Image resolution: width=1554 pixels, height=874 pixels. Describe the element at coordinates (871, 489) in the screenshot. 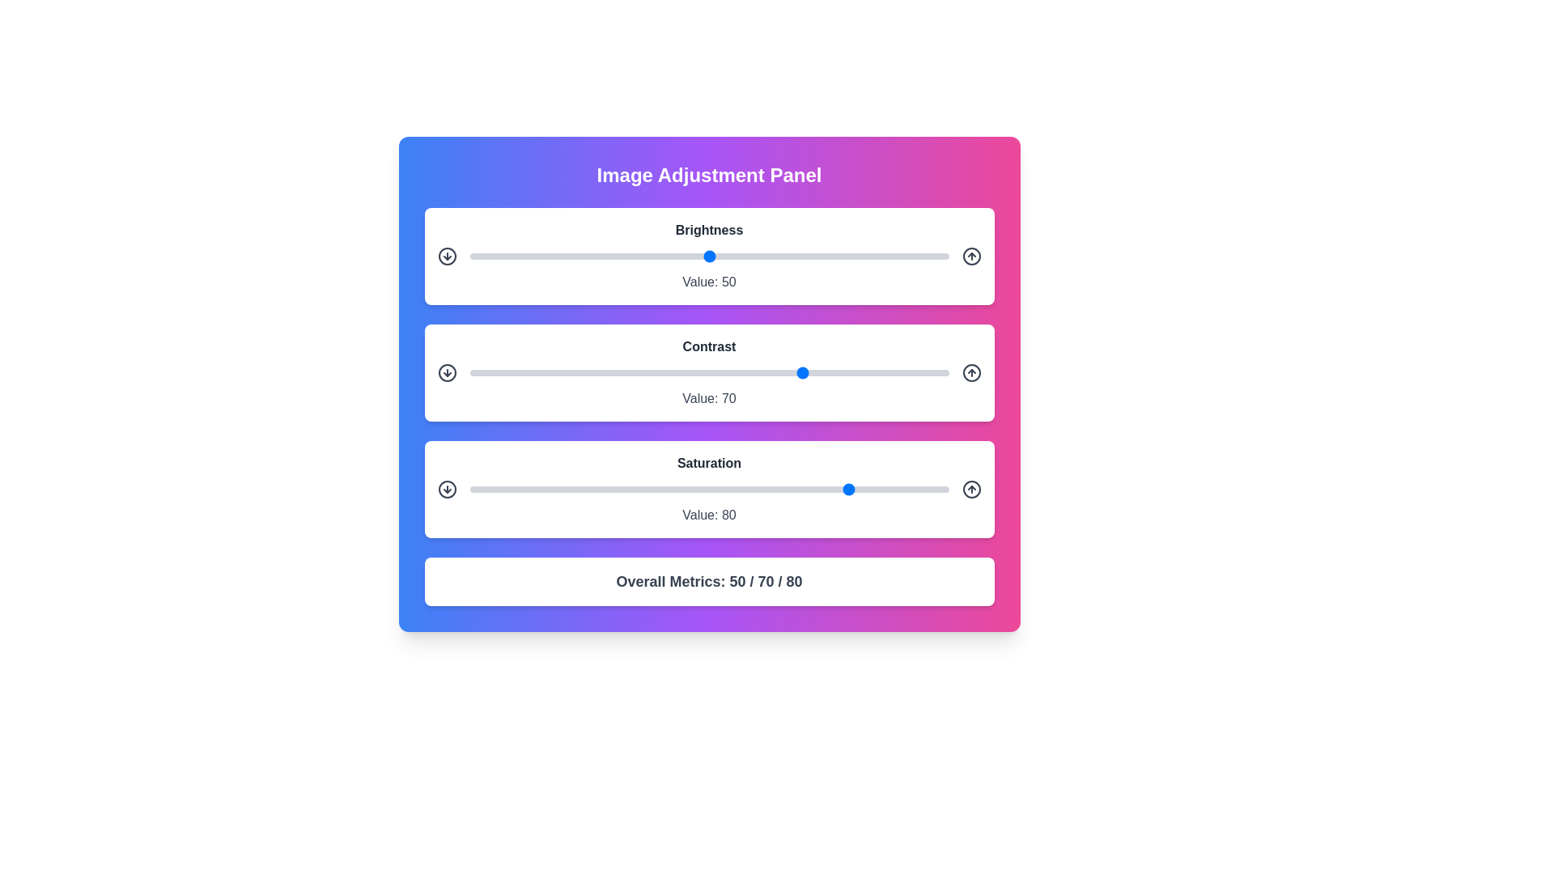

I see `the slider value` at that location.